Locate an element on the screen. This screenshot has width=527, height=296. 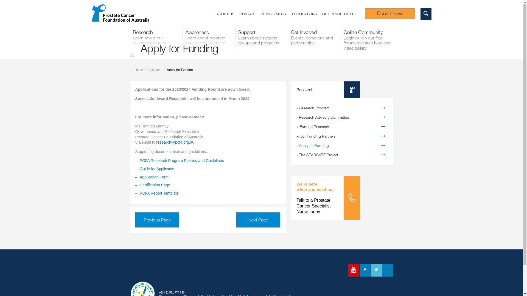
'- Apply for Funding' is located at coordinates (342, 145).